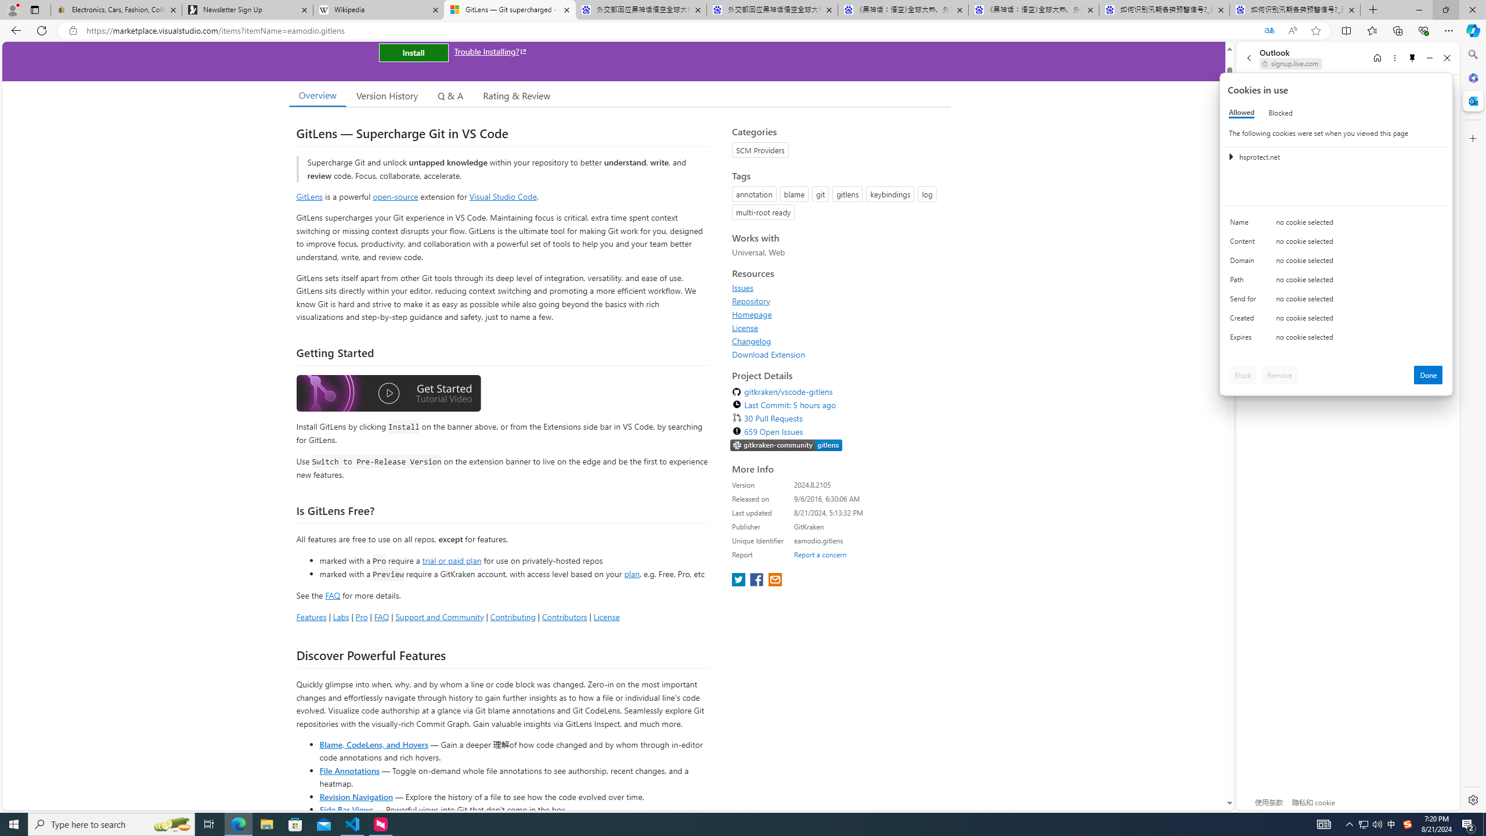 The width and height of the screenshot is (1486, 836). I want to click on 'Class: c0153 c0157', so click(1336, 340).